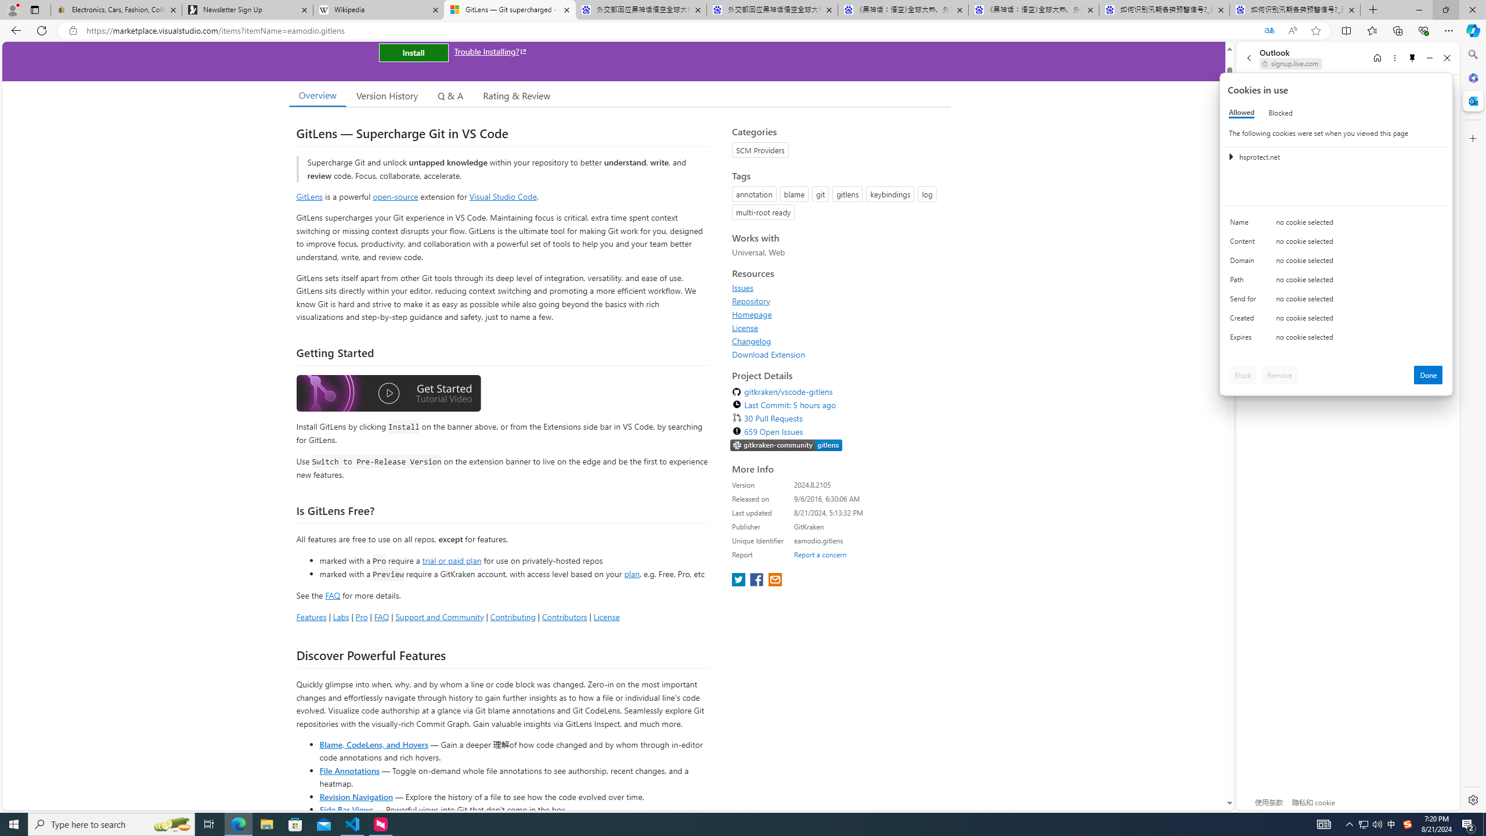 The width and height of the screenshot is (1486, 836). I want to click on 'Class: c0153 c0157', so click(1336, 340).